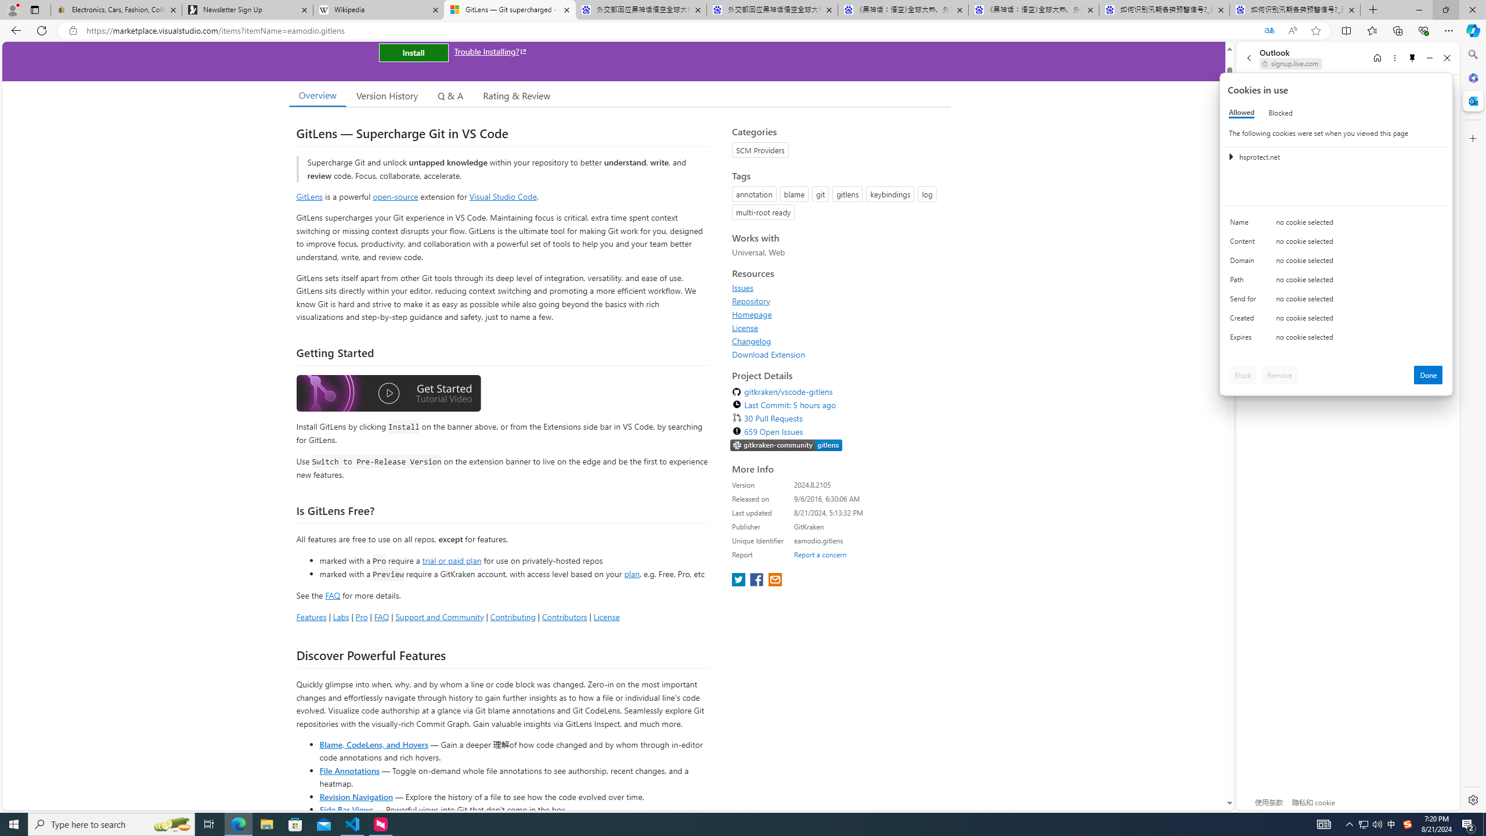 The width and height of the screenshot is (1486, 836). I want to click on 'Class: c0153 c0157', so click(1336, 340).